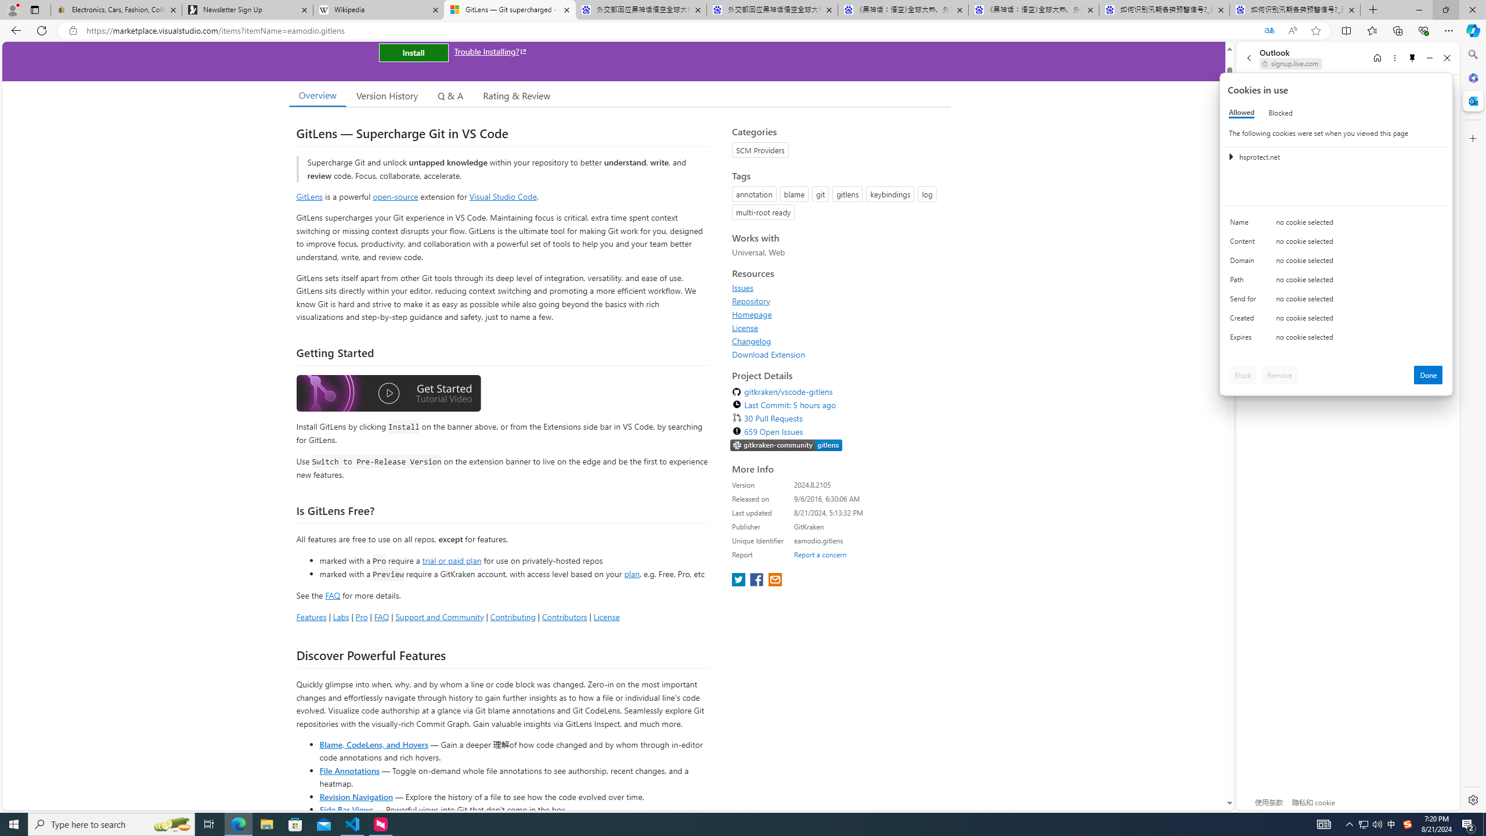 The width and height of the screenshot is (1486, 836). I want to click on 'Class: c0153 c0157', so click(1336, 340).